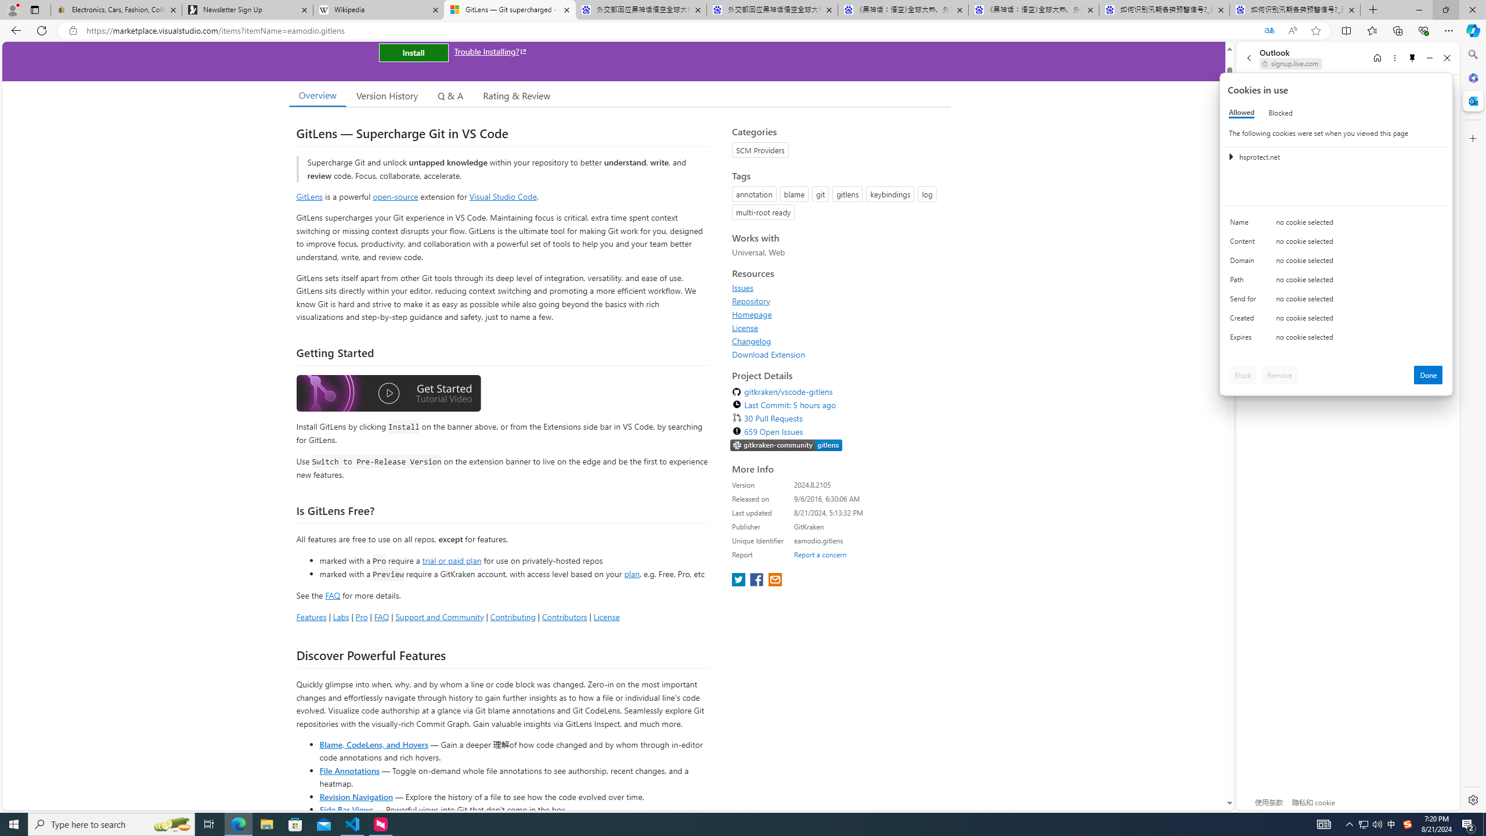 The width and height of the screenshot is (1486, 836). I want to click on 'Class: c0153 c0157', so click(1336, 340).